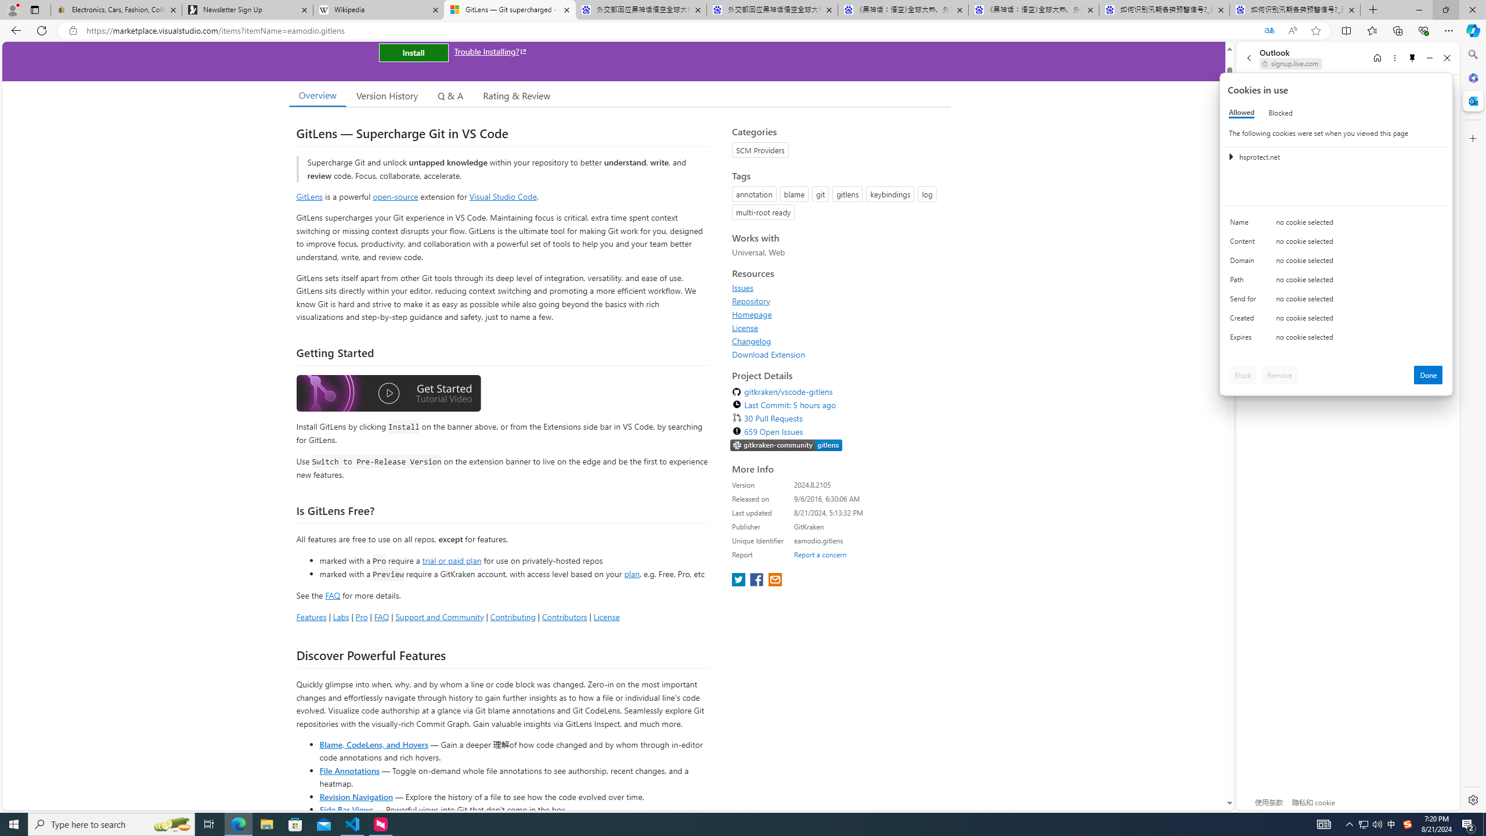 The width and height of the screenshot is (1486, 836). I want to click on 'Class: c0153 c0157', so click(1336, 340).